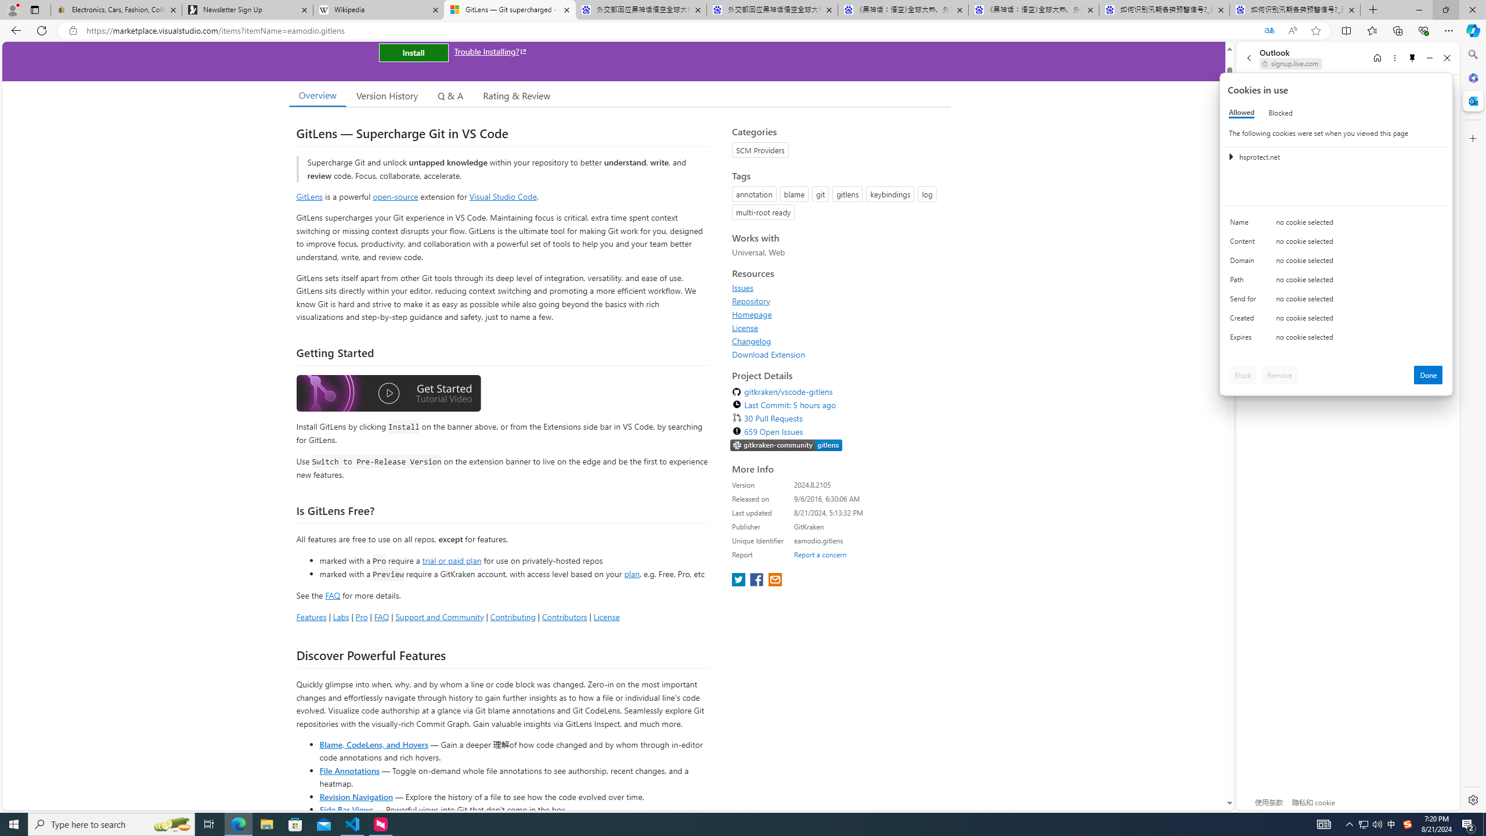 The width and height of the screenshot is (1486, 836). I want to click on 'Class: c0153 c0157', so click(1336, 340).